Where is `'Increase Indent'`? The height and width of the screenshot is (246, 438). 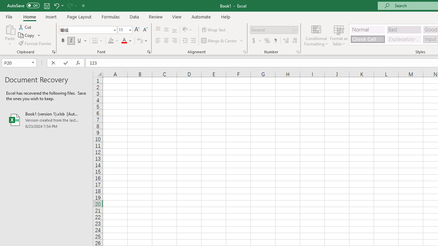
'Increase Indent' is located at coordinates (193, 41).